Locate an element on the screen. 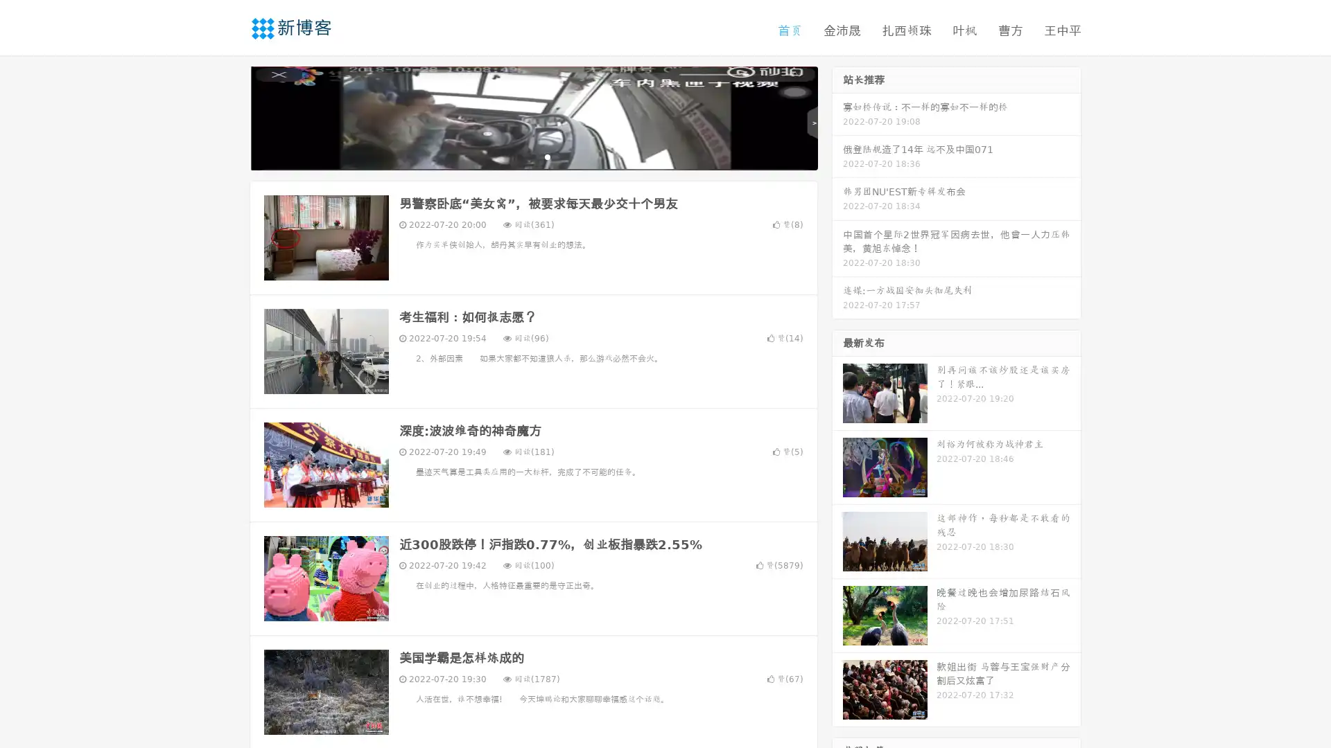 This screenshot has height=748, width=1331. Previous slide is located at coordinates (229, 116).